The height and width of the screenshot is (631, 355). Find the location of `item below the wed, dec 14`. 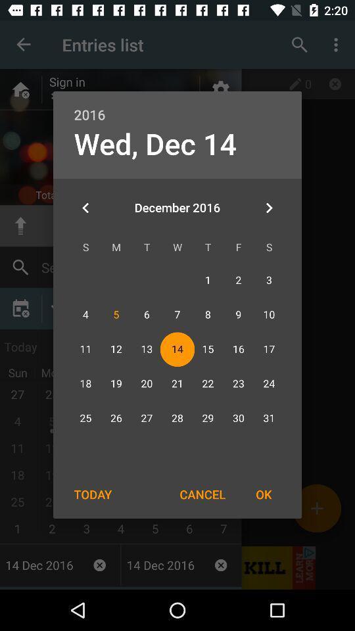

item below the wed, dec 14 is located at coordinates (85, 208).